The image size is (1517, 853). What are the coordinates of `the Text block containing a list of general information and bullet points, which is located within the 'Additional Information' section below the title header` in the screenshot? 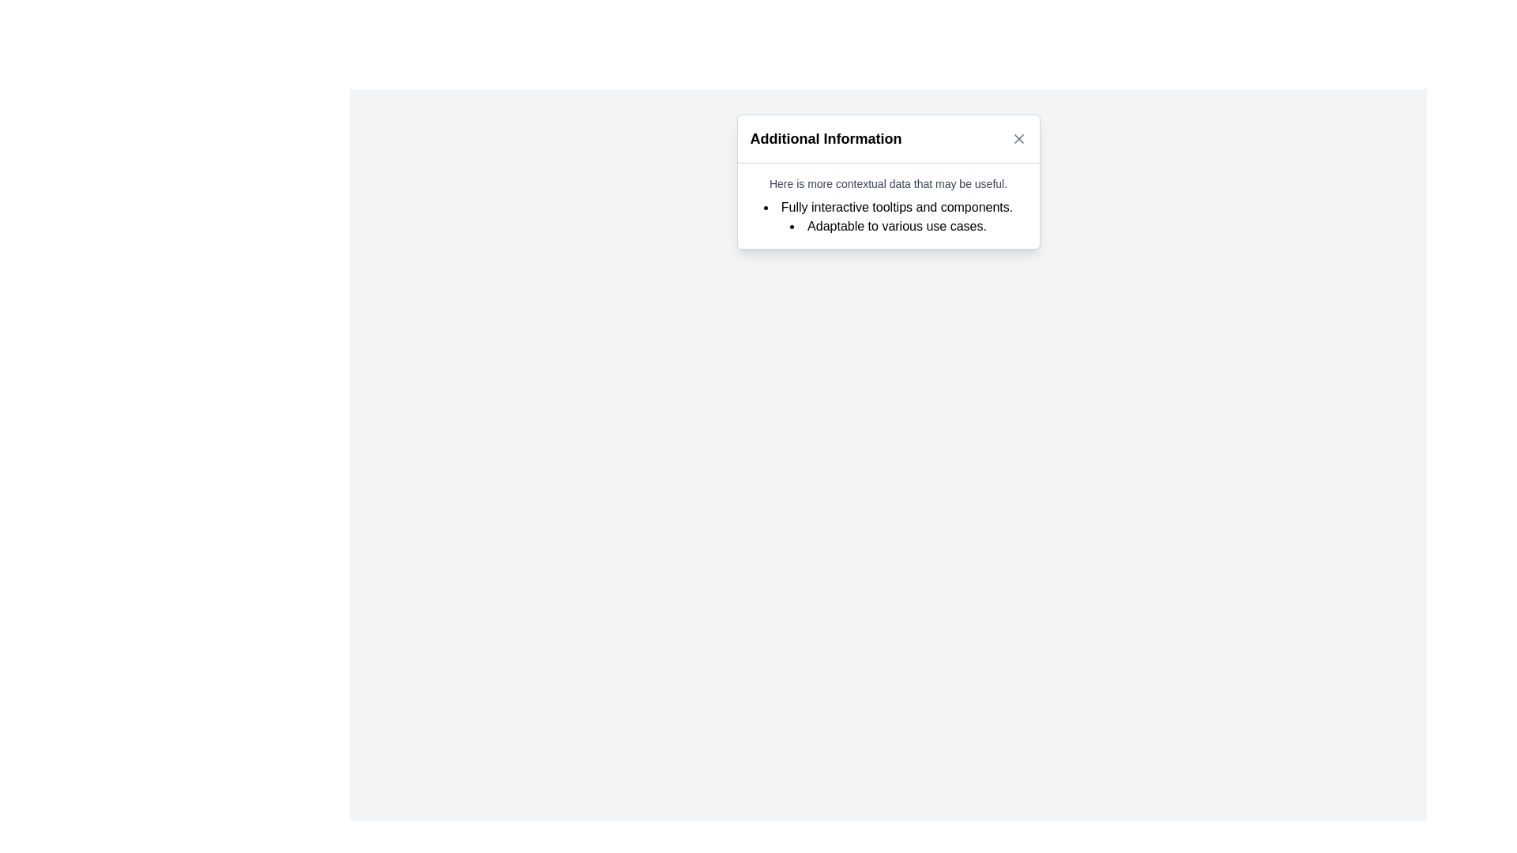 It's located at (888, 205).